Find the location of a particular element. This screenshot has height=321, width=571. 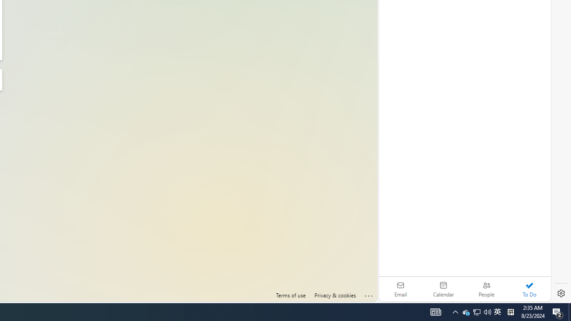

'Email' is located at coordinates (400, 289).